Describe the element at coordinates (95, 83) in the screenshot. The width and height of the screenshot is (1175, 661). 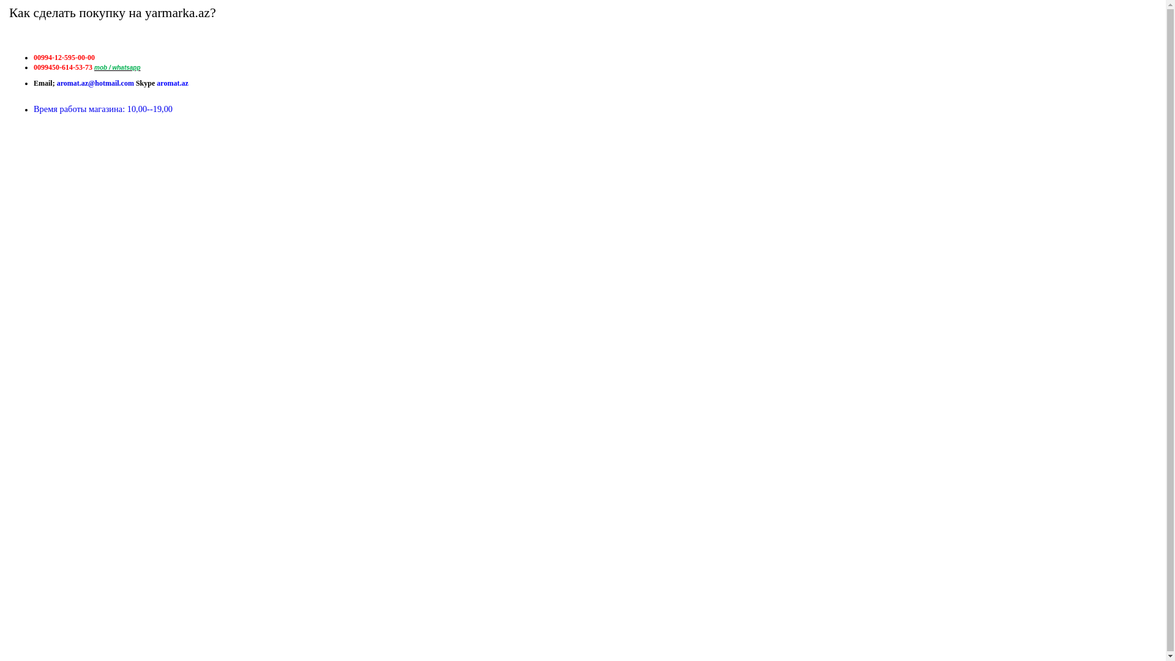
I see `'aromat.az@hotmail.com'` at that location.